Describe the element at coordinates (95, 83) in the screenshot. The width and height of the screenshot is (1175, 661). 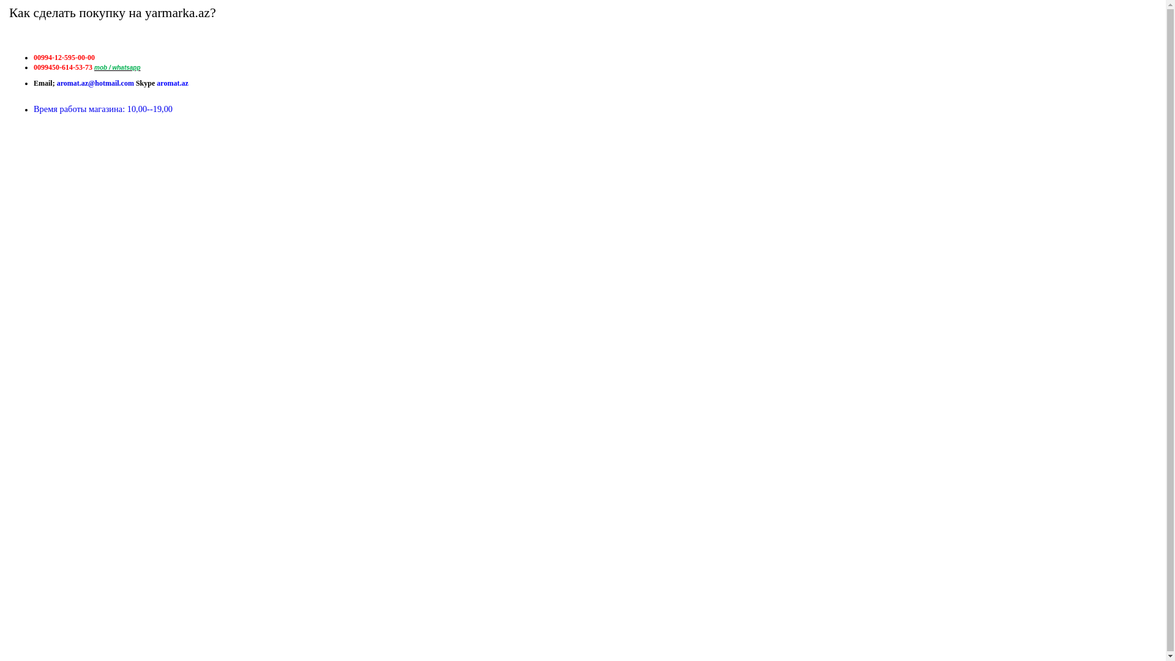
I see `'aromat.az@hotmail.com'` at that location.